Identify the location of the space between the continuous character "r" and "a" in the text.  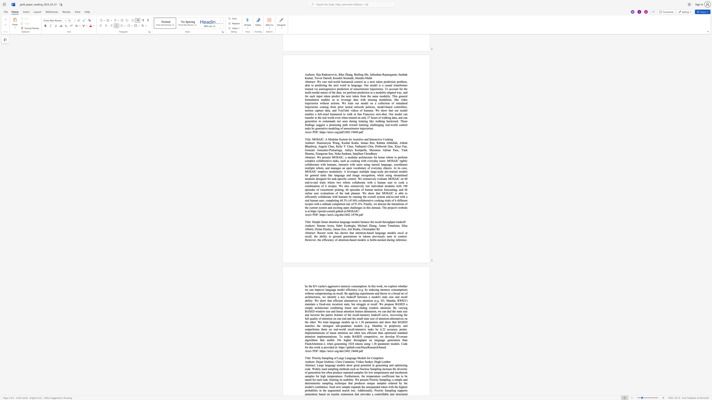
(311, 365).